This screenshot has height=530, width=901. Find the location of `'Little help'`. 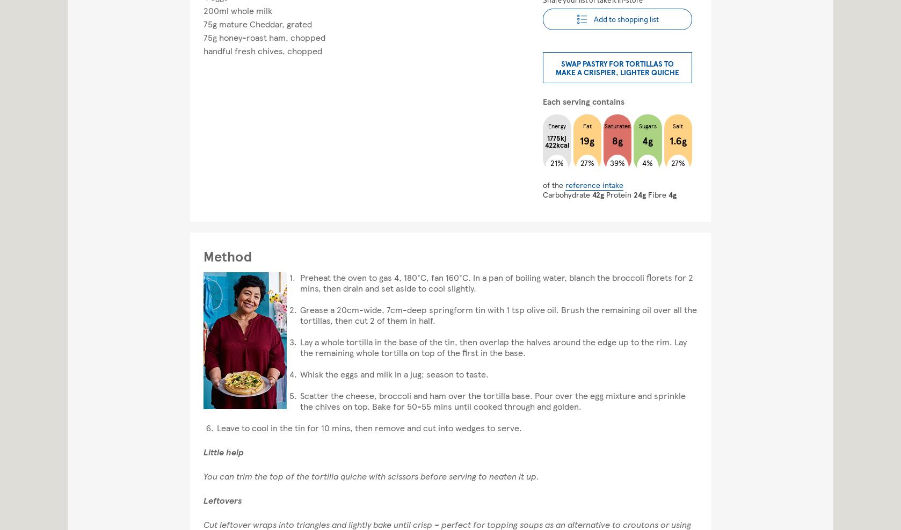

'Little help' is located at coordinates (223, 452).